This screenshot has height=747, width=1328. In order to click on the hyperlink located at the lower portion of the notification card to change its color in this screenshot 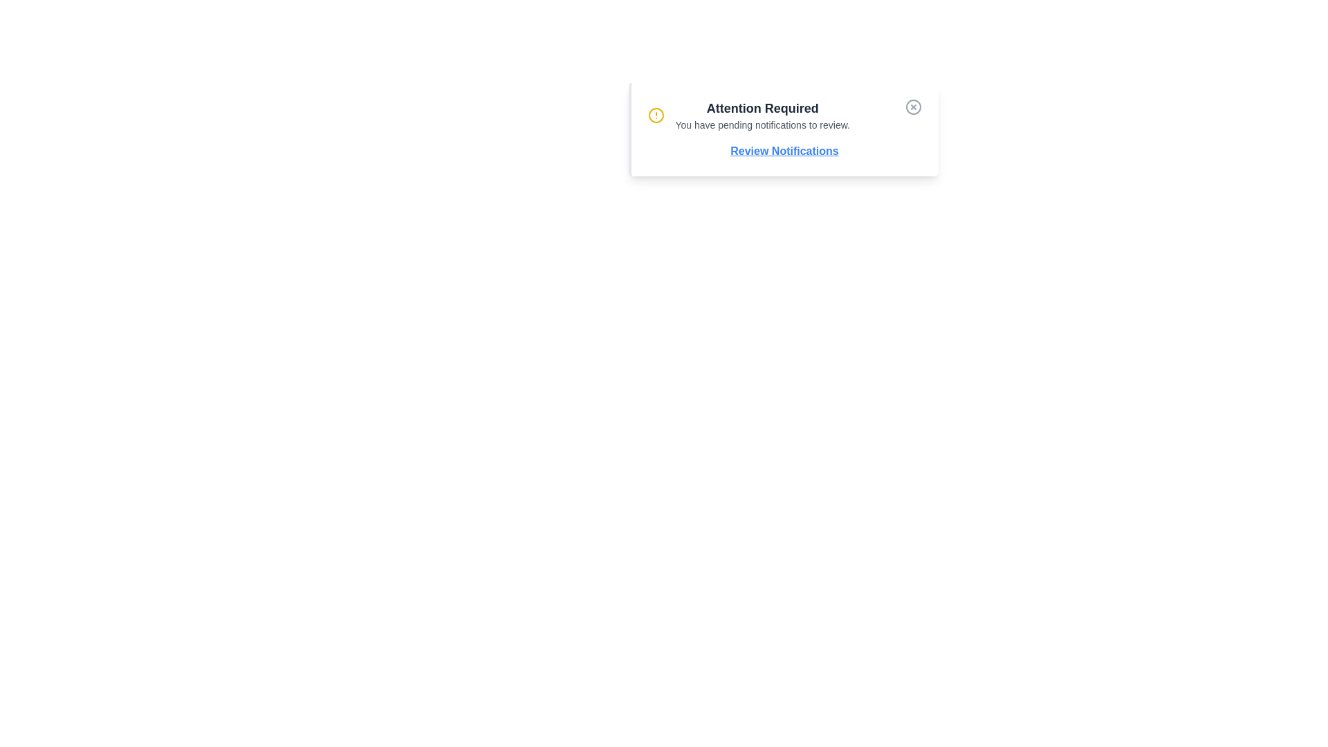, I will do `click(784, 151)`.